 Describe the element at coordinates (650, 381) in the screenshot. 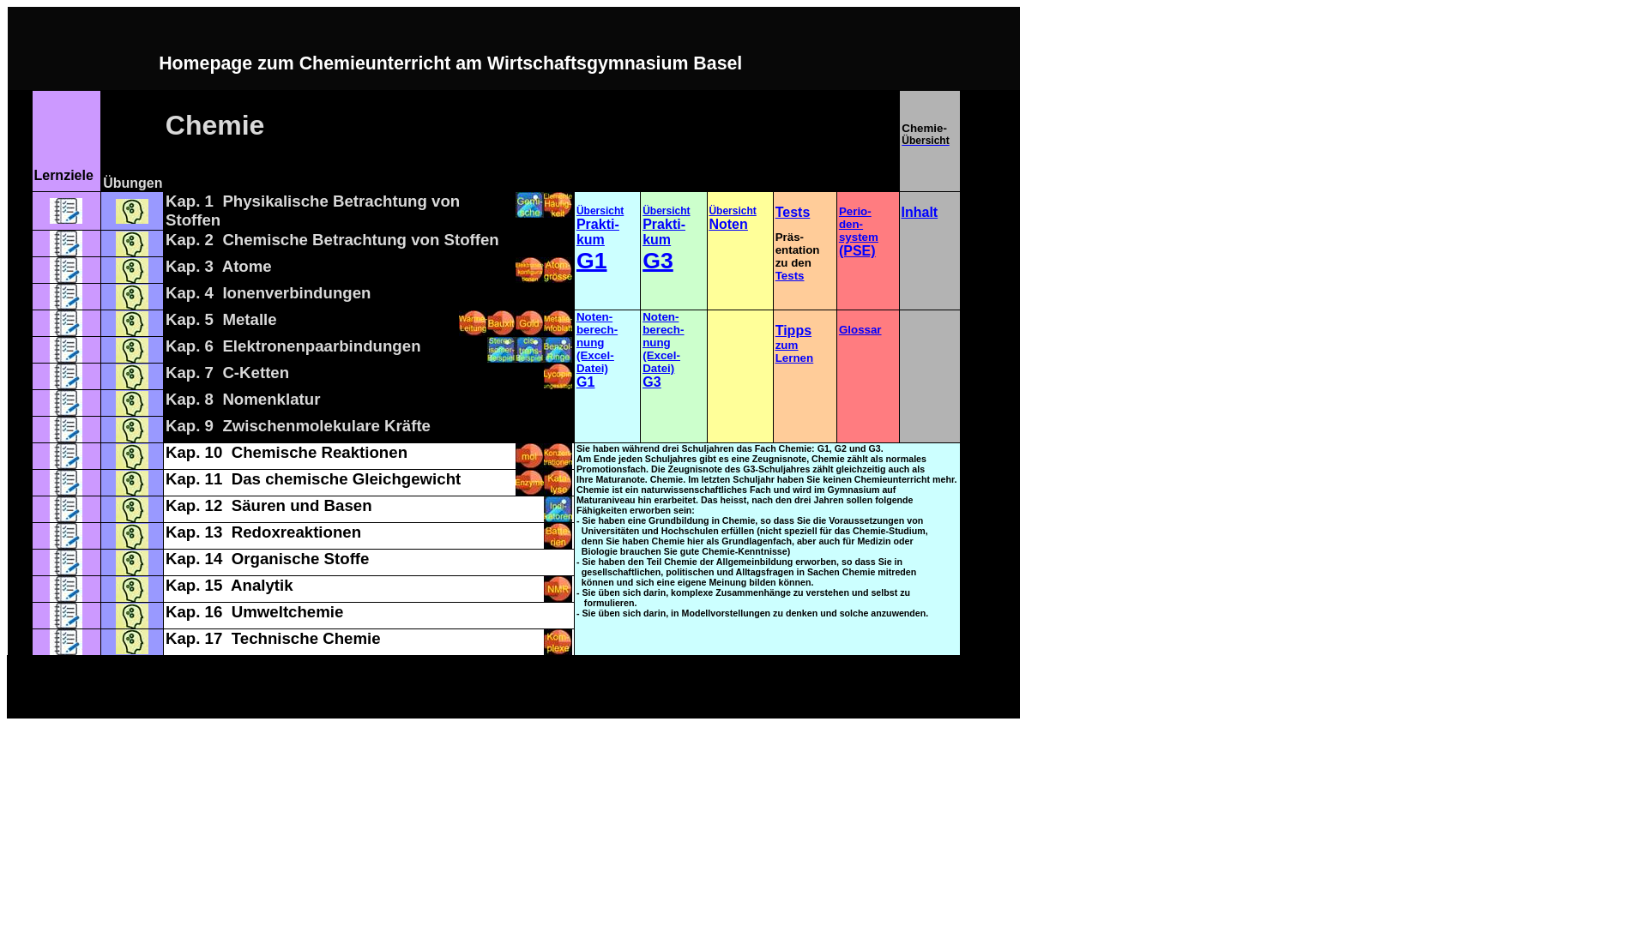

I see `'G3'` at that location.